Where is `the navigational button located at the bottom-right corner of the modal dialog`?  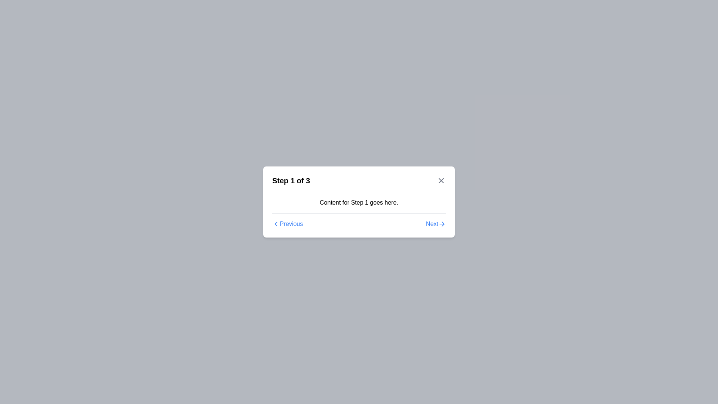 the navigational button located at the bottom-right corner of the modal dialog is located at coordinates (436, 223).